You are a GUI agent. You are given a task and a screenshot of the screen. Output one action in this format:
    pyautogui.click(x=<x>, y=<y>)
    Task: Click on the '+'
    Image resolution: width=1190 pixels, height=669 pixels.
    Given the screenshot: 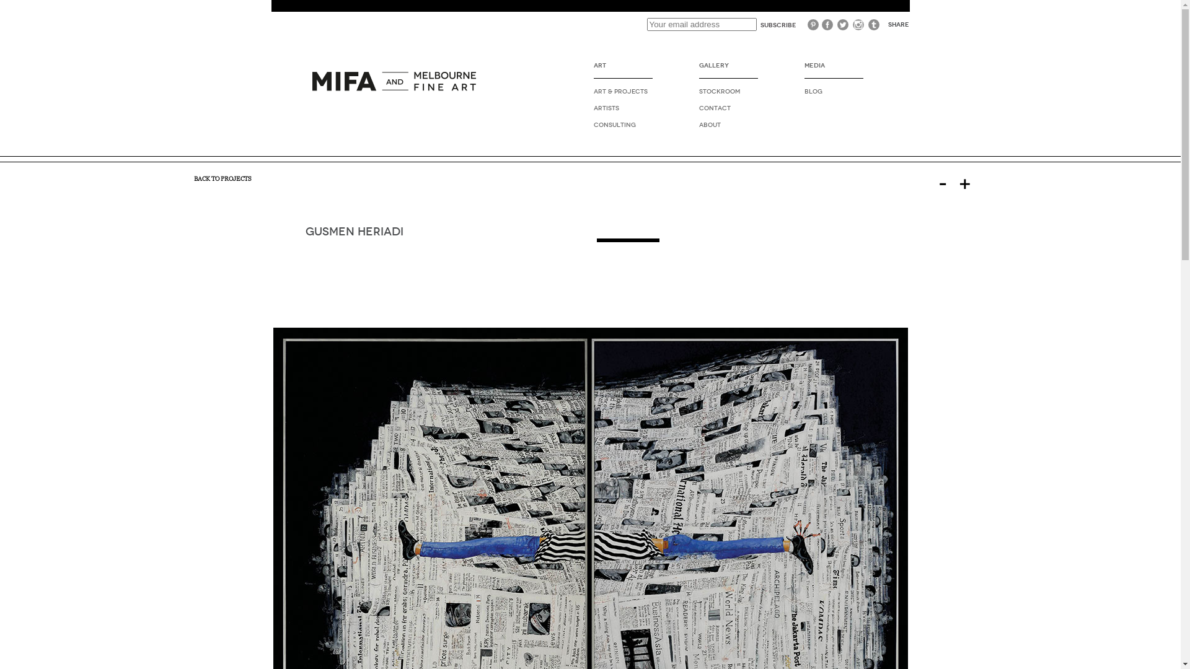 What is the action you would take?
    pyautogui.click(x=969, y=183)
    